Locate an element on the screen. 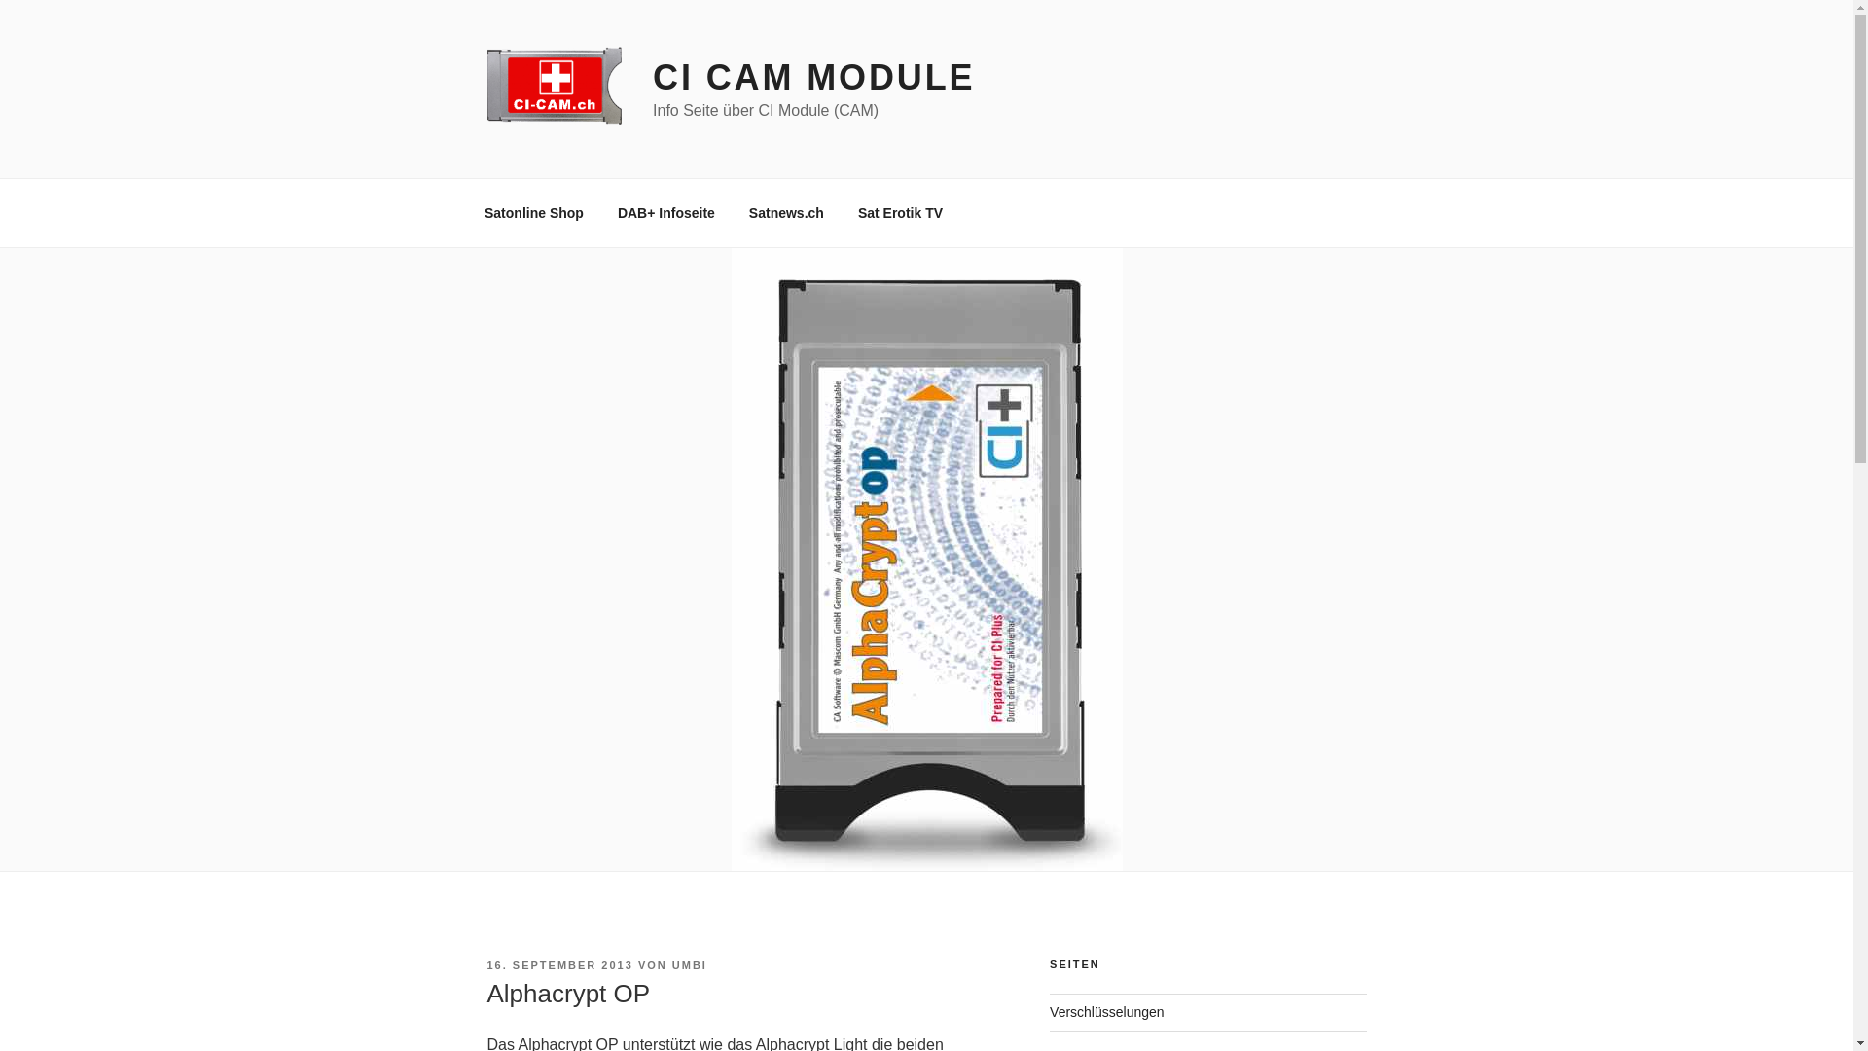 The height and width of the screenshot is (1051, 1868). '16. SEPTEMBER 2013' is located at coordinates (558, 964).